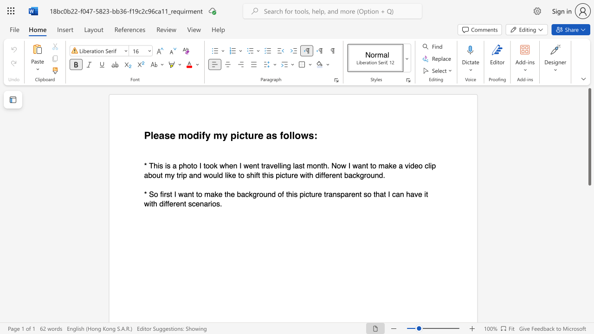  Describe the element at coordinates (274, 135) in the screenshot. I see `the 1th character "s" in the text` at that location.